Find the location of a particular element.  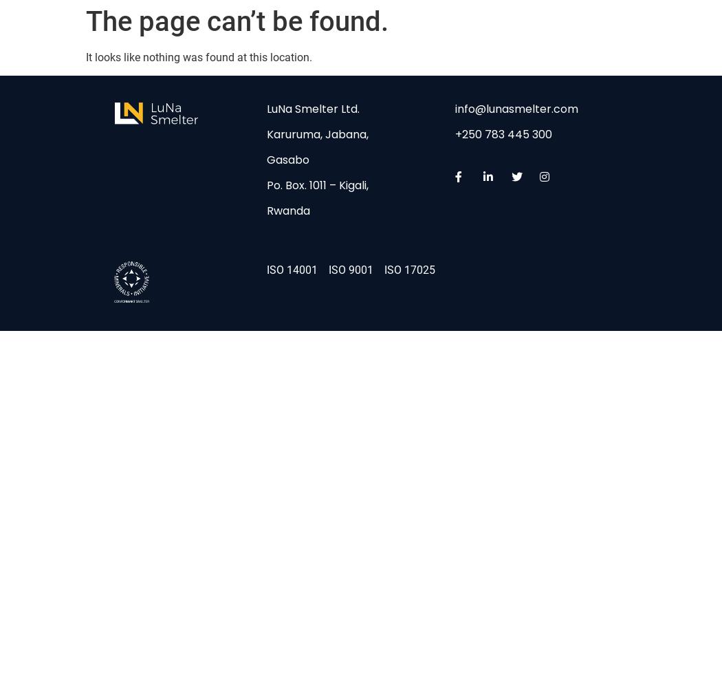

'+250 783 445 300' is located at coordinates (503, 133).